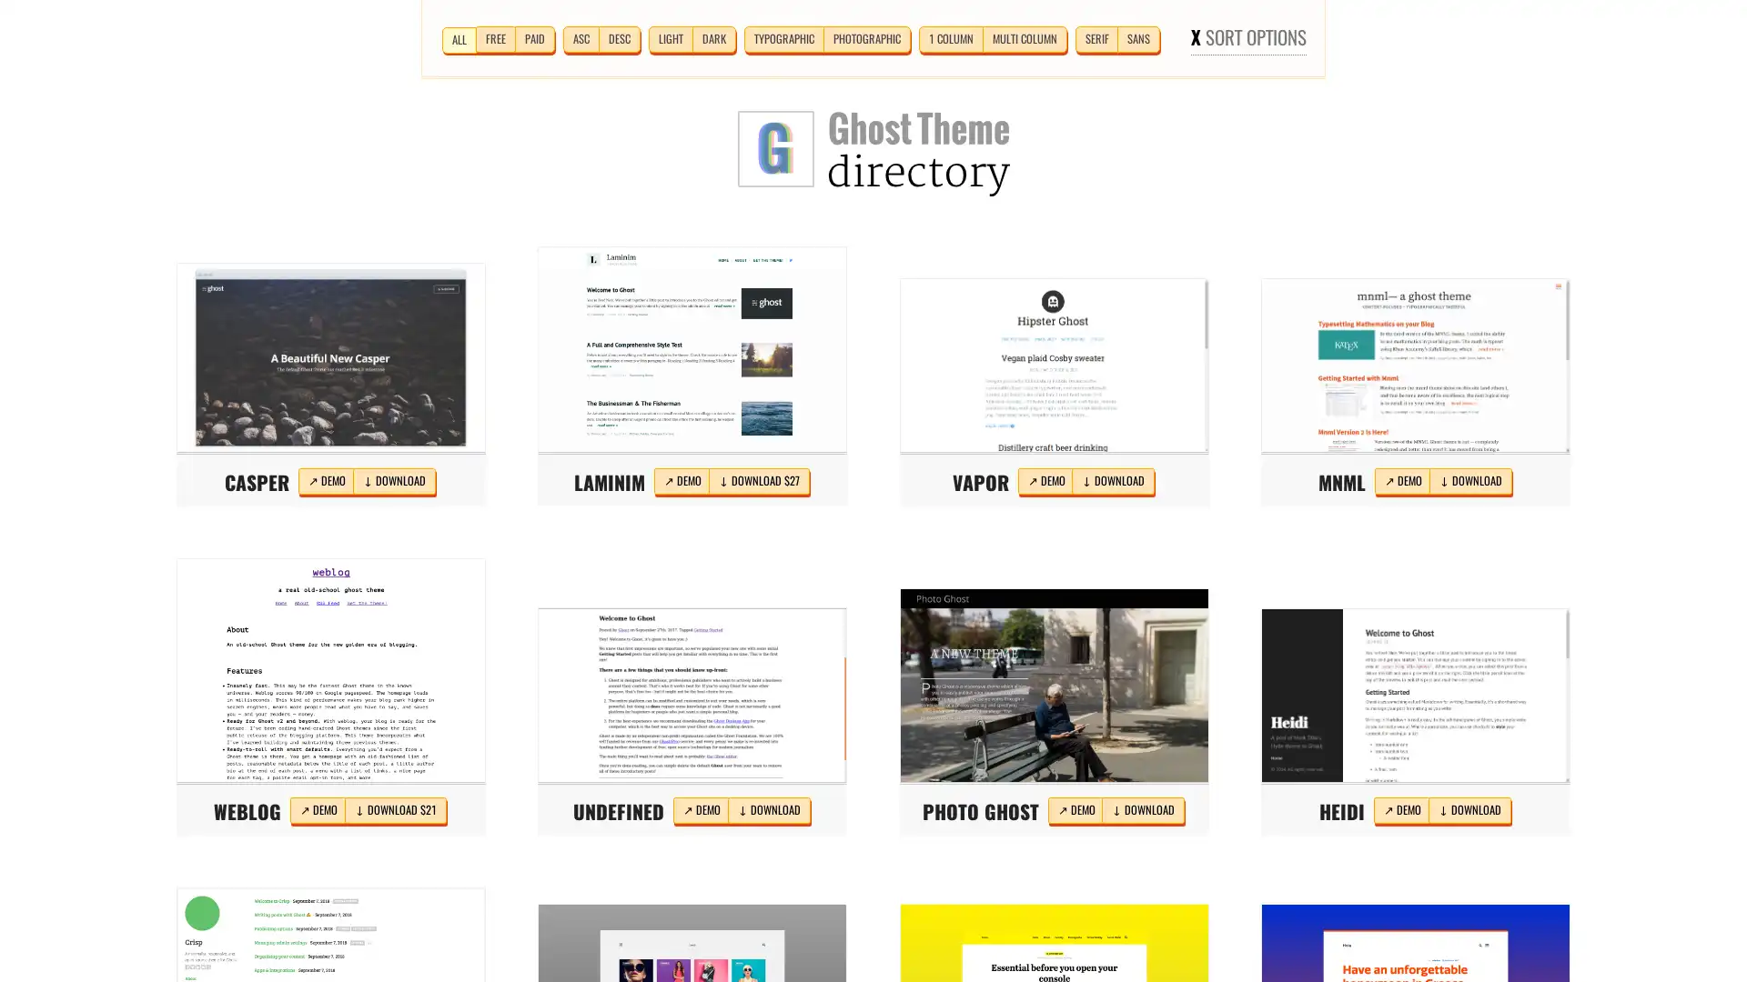 This screenshot has width=1747, height=982. I want to click on 1 COLUMN, so click(949, 38).